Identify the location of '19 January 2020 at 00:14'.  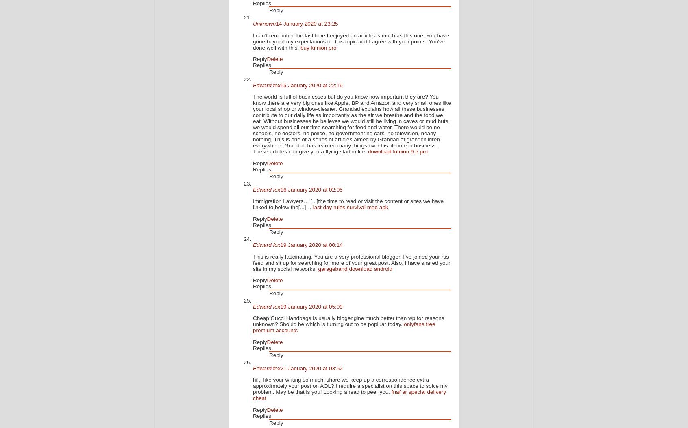
(311, 244).